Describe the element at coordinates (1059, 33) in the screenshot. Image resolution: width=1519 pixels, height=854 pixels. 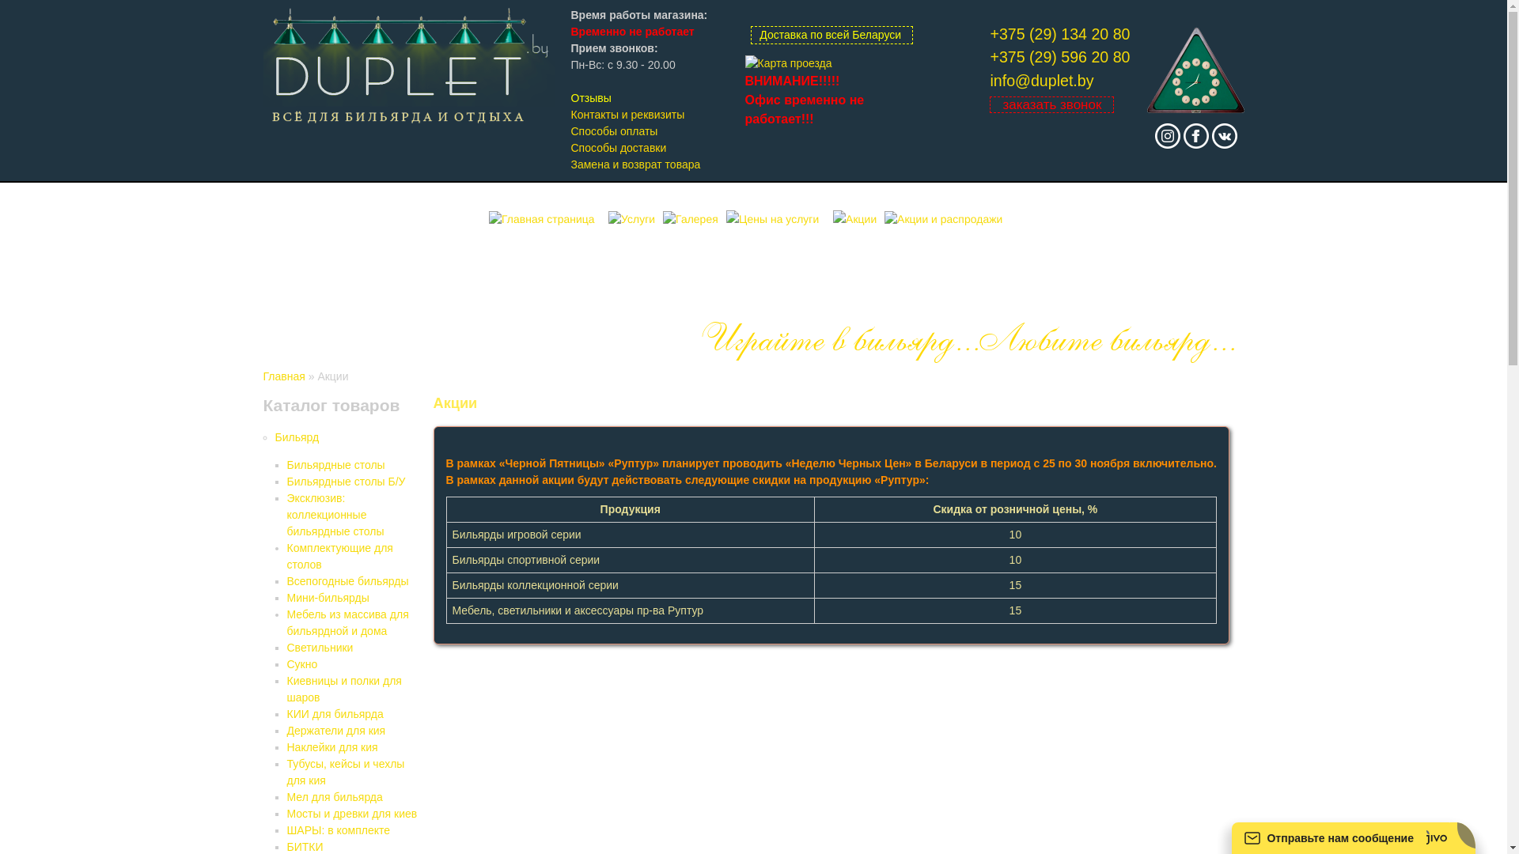
I see `'+375 (29) 134 20 80'` at that location.